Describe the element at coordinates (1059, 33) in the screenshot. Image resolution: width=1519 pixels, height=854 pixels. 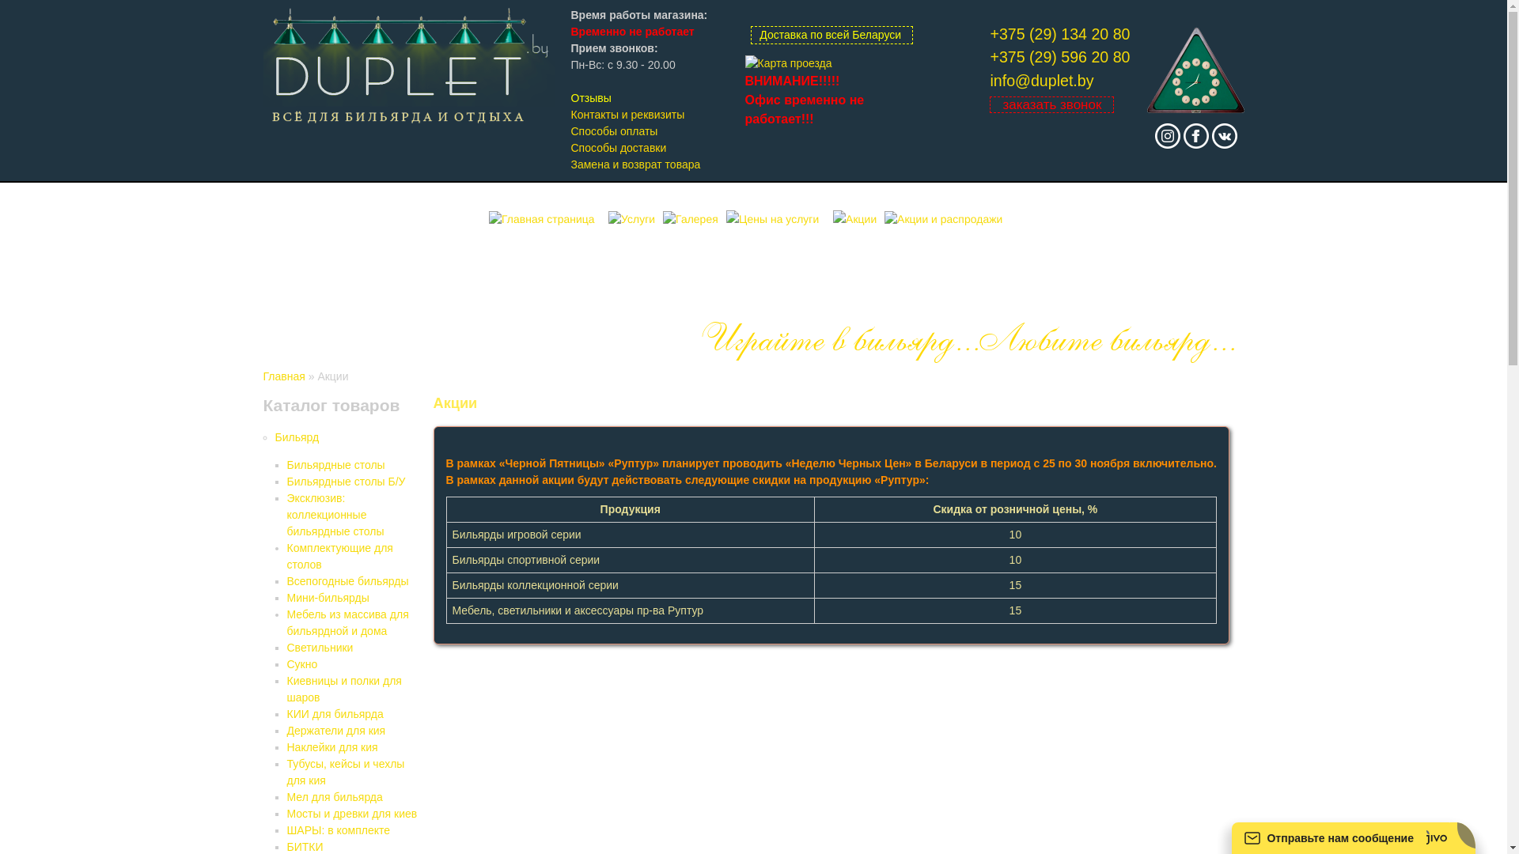
I see `'+375 (29) 134 20 80'` at that location.